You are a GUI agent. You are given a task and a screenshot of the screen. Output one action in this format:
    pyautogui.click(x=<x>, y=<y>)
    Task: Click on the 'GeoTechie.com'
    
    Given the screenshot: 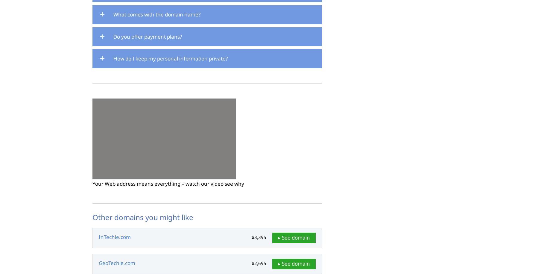 What is the action you would take?
    pyautogui.click(x=117, y=263)
    